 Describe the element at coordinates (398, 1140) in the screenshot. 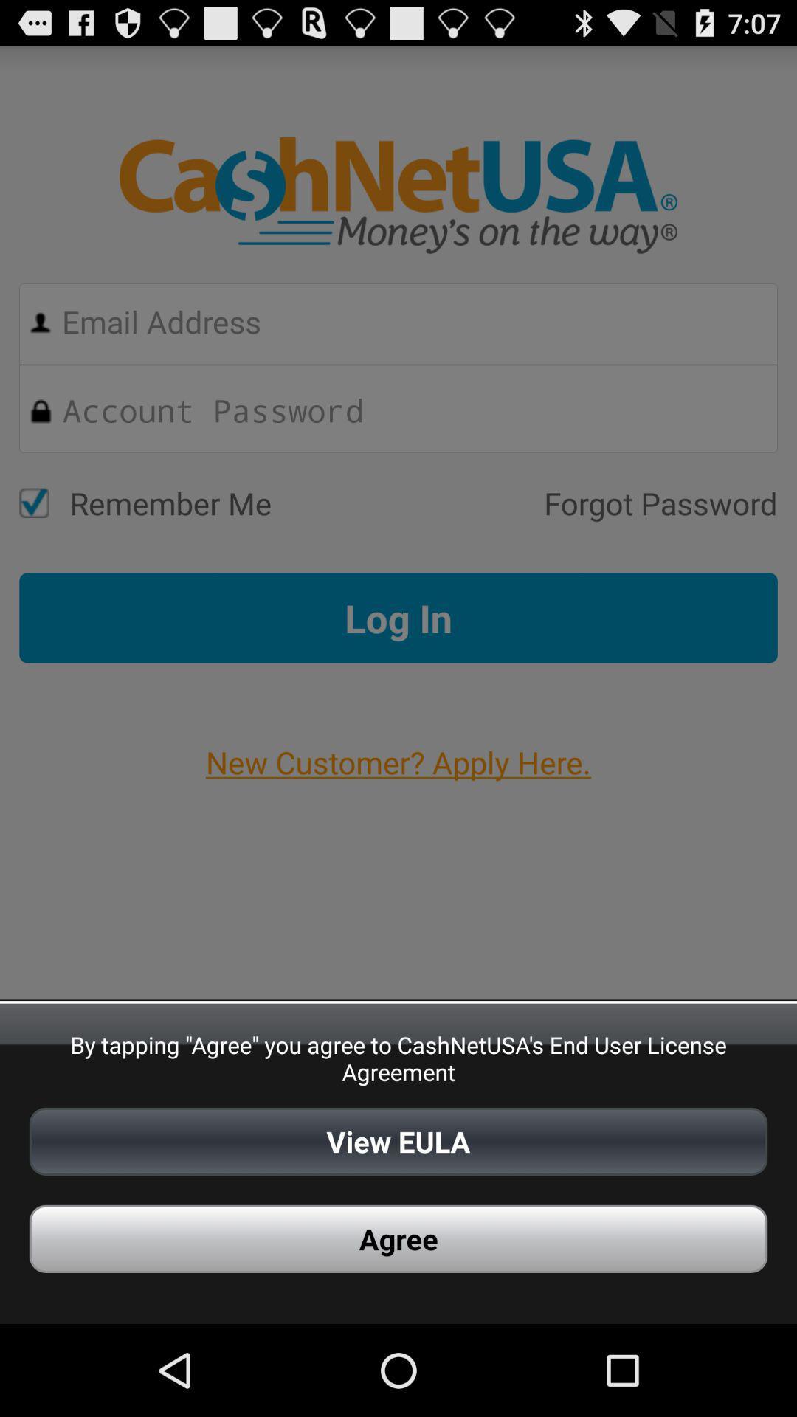

I see `app above the agree app` at that location.